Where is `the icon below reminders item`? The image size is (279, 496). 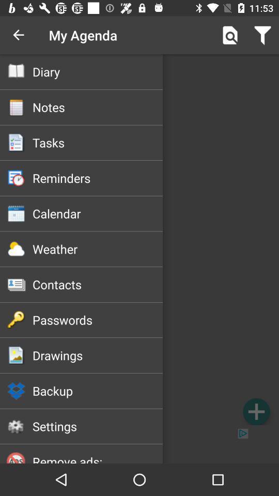
the icon below reminders item is located at coordinates (98, 213).